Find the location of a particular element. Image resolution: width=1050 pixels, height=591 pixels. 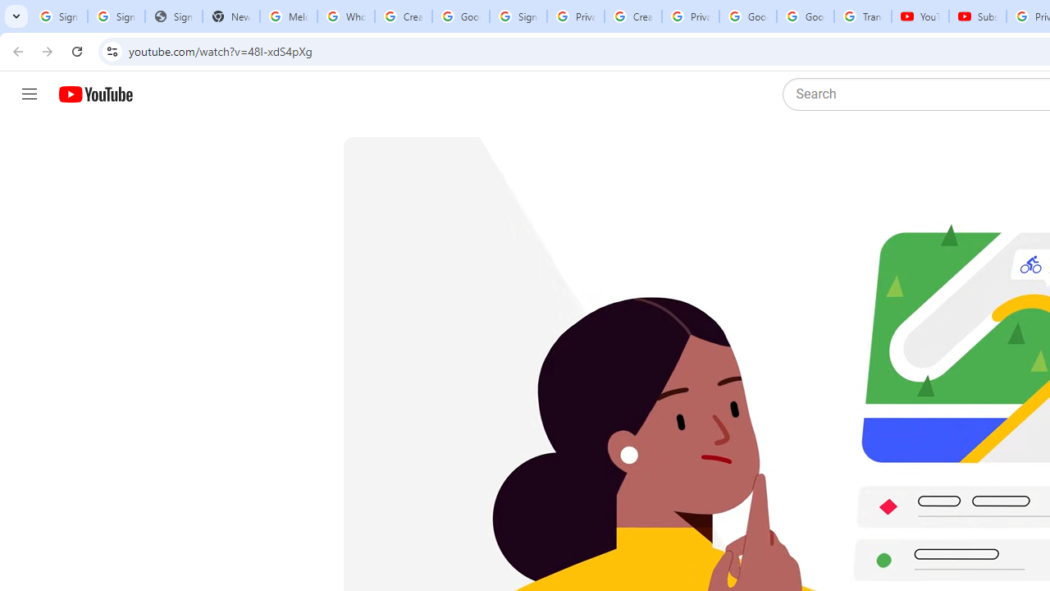

'Create your Google Account' is located at coordinates (404, 16).